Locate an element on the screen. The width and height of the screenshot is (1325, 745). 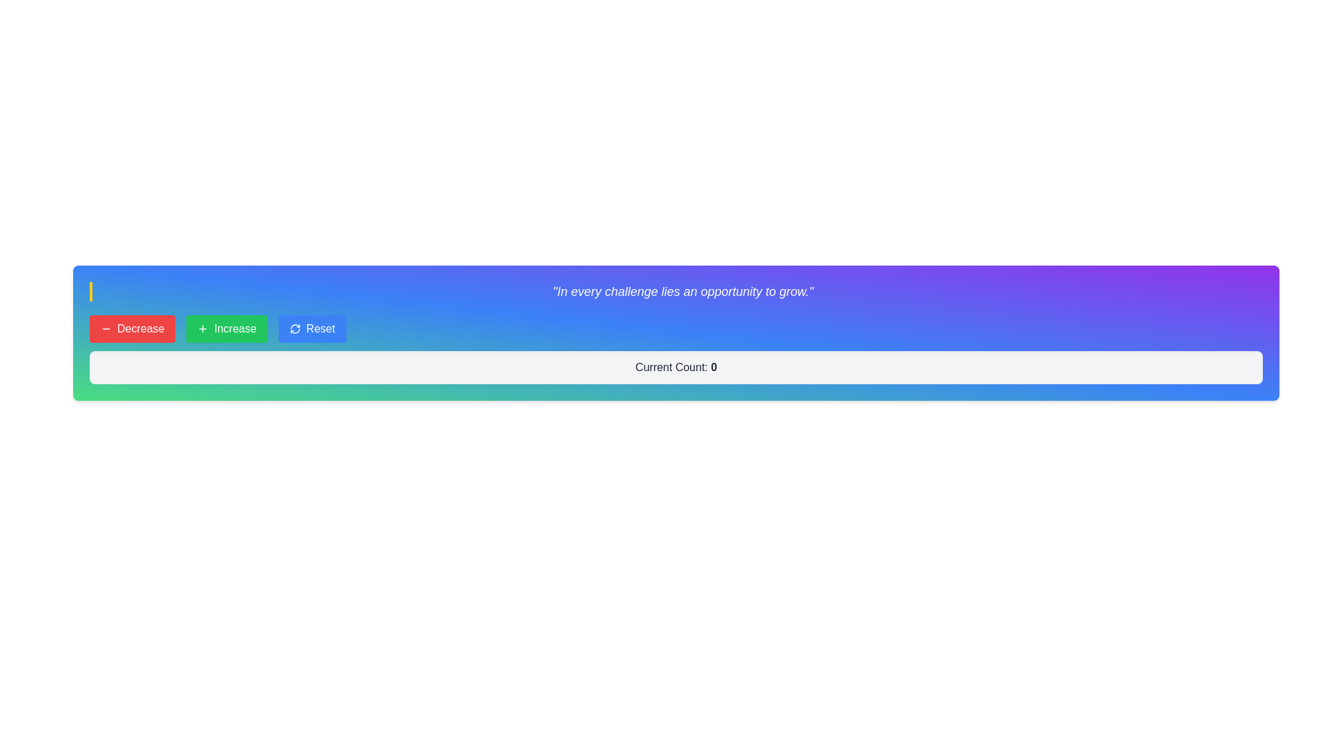
the 'Decrease' button which contains the Minus icon representing a decrease action, located in the top bar of the interface is located at coordinates (105, 329).